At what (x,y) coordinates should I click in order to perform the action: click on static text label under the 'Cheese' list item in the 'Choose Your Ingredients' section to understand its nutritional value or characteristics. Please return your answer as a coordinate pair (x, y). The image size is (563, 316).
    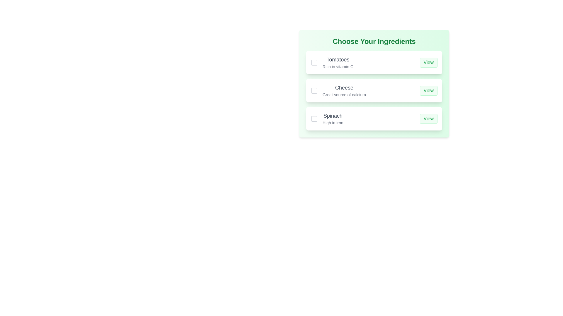
    Looking at the image, I should click on (344, 95).